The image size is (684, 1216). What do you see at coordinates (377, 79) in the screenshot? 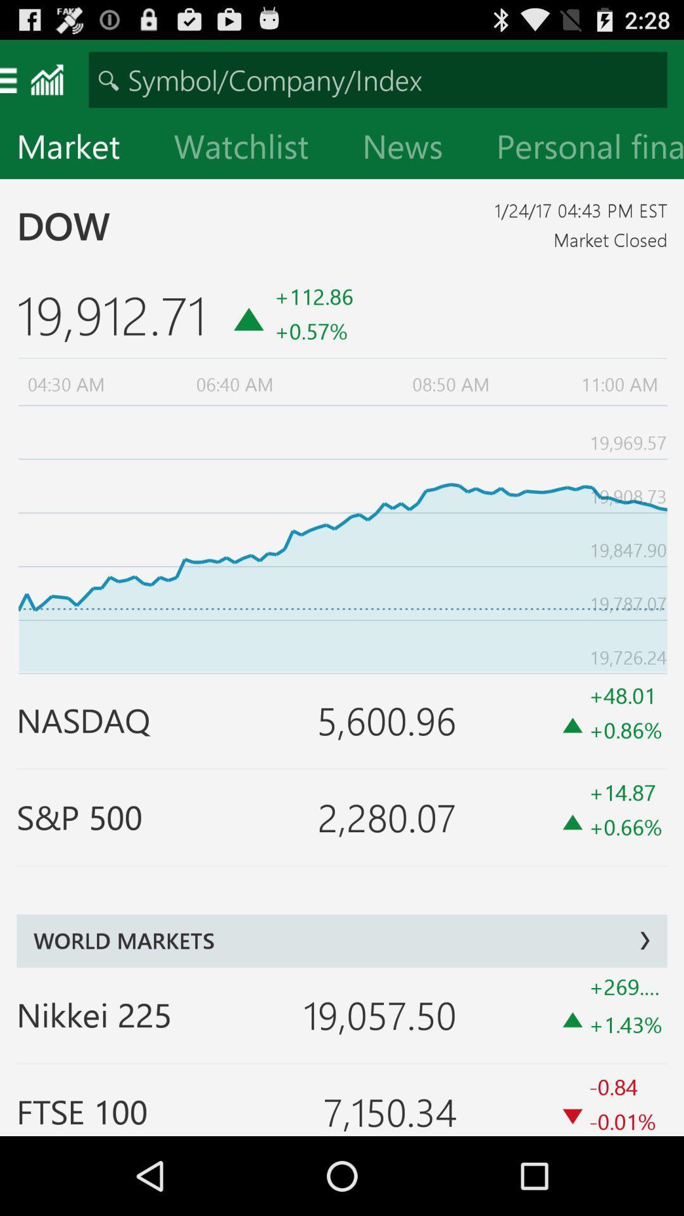
I see `symbol or company name` at bounding box center [377, 79].